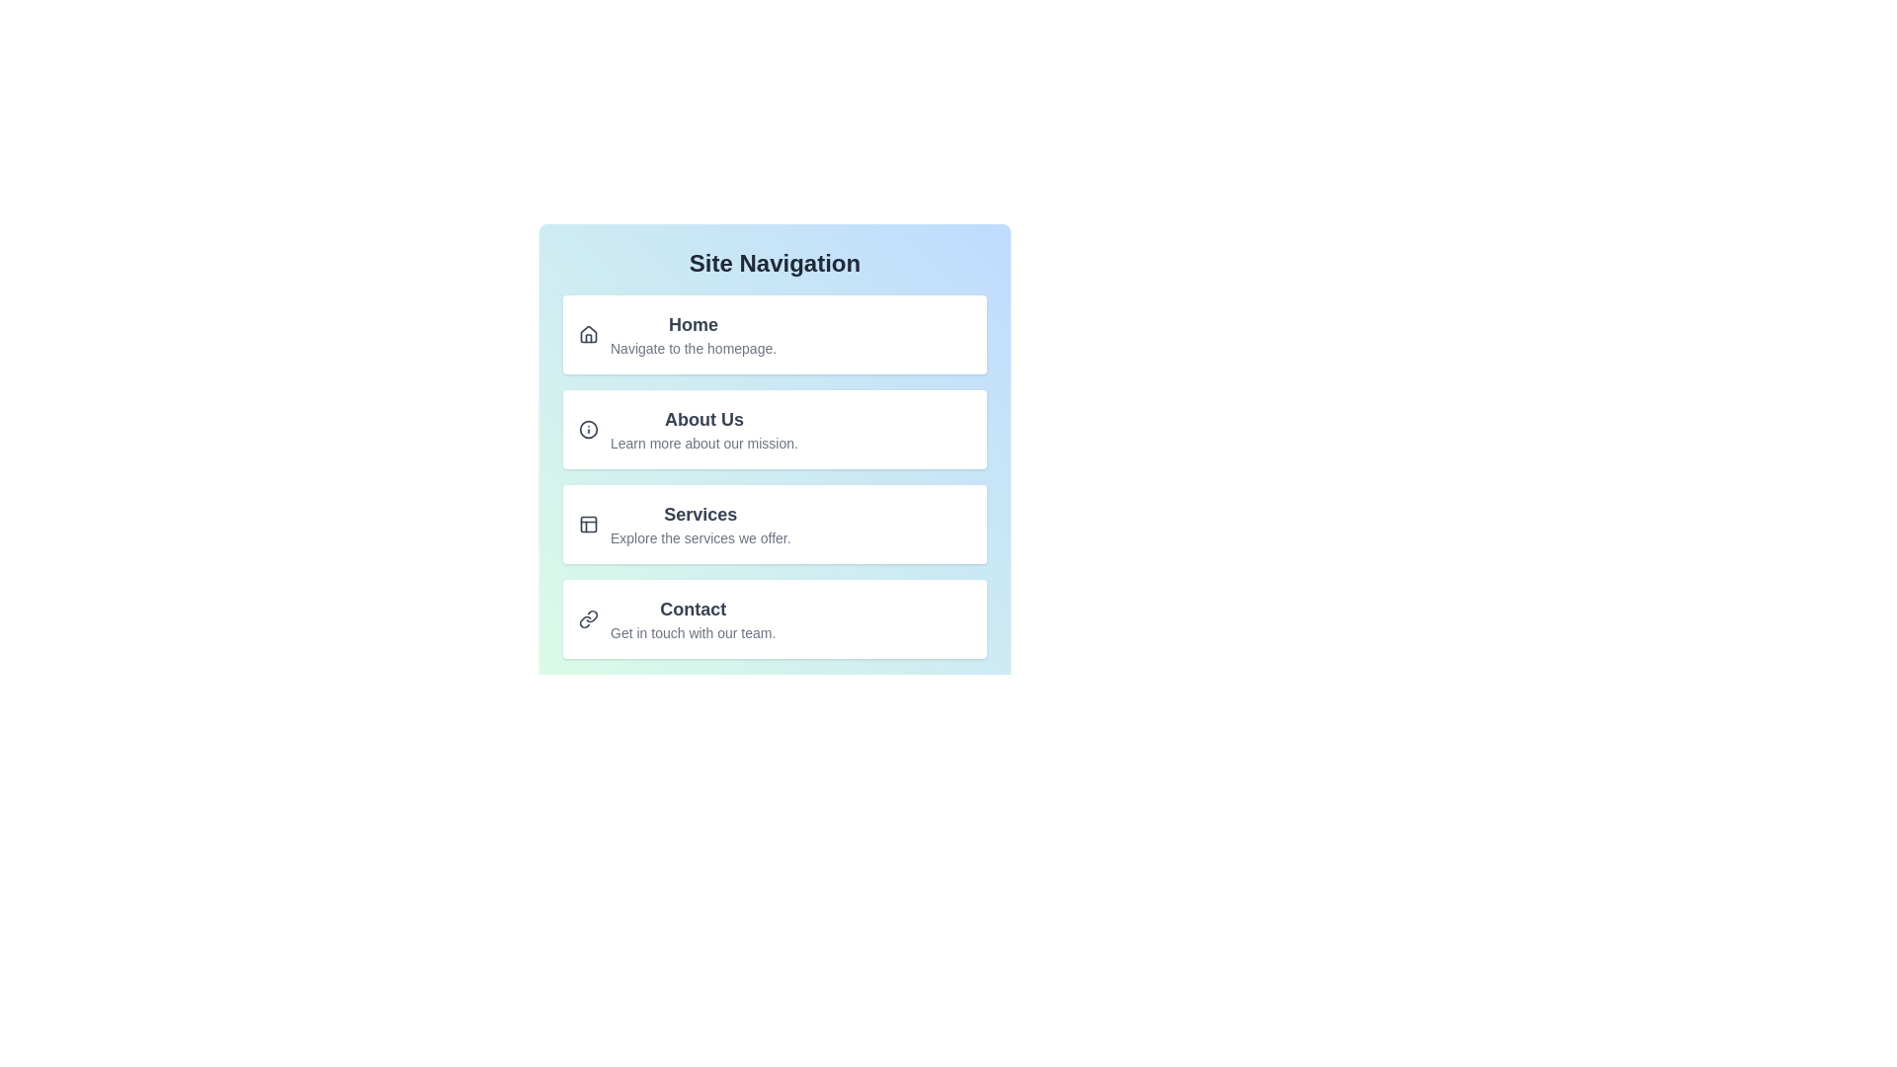 This screenshot has width=1897, height=1067. Describe the element at coordinates (774, 460) in the screenshot. I see `the 'About Us' card with a light blue and green gradient background` at that location.